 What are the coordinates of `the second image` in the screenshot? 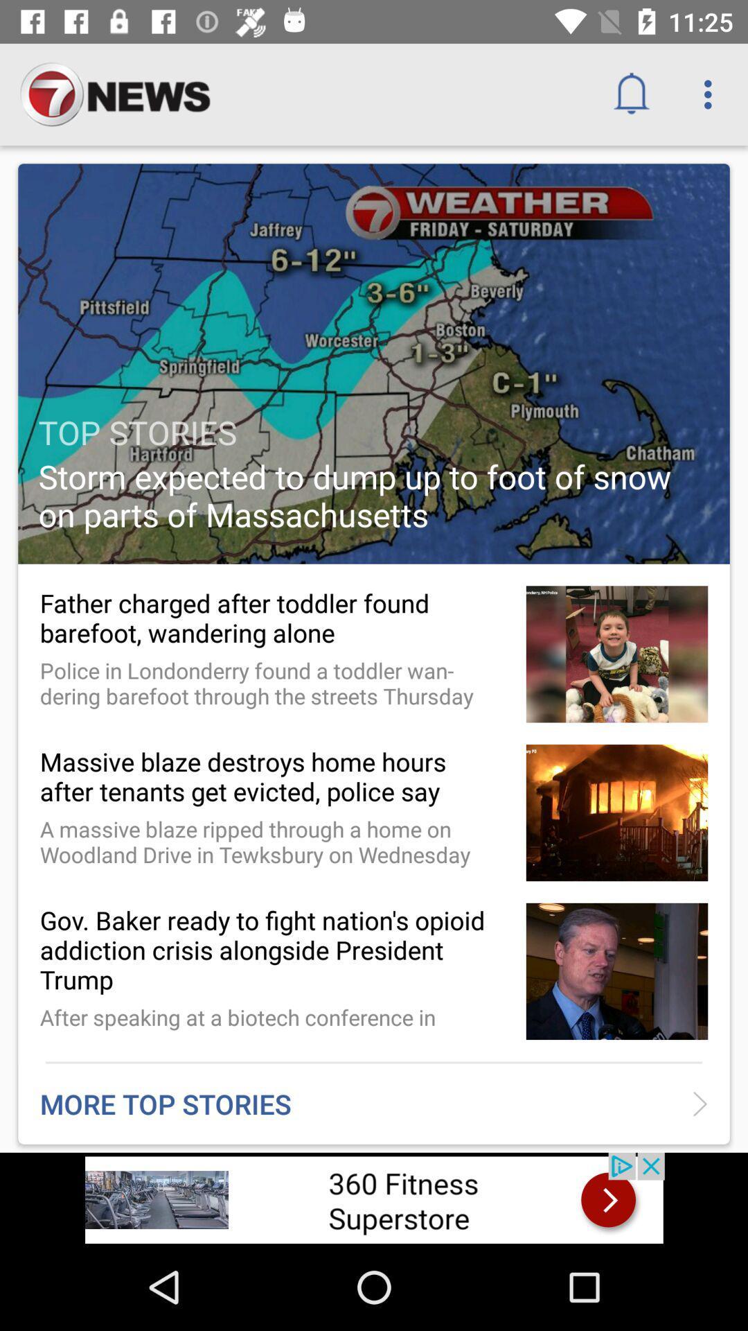 It's located at (616, 654).